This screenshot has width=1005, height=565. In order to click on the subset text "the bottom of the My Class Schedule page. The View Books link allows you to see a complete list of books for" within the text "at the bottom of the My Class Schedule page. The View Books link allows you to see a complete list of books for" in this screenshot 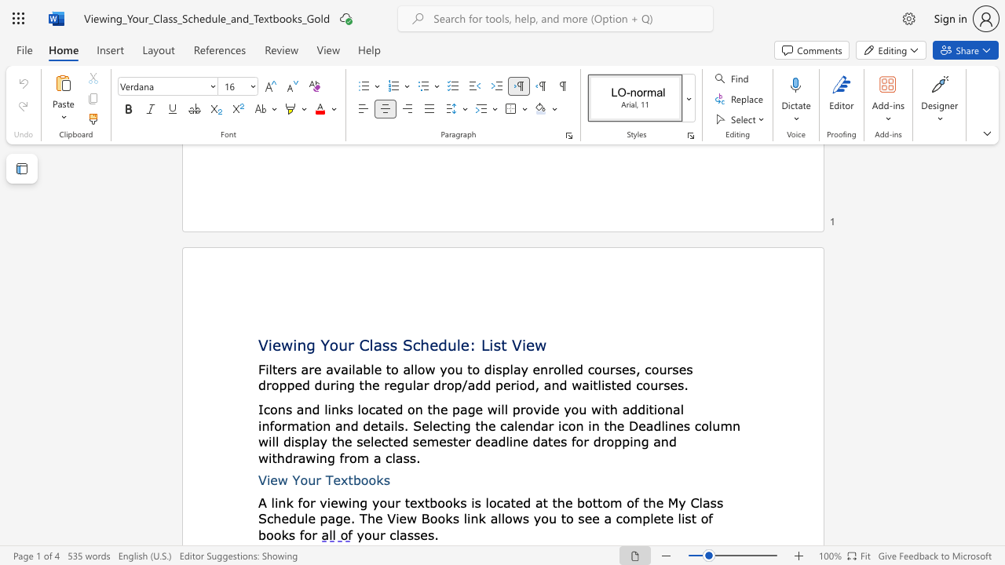, I will do `click(552, 502)`.